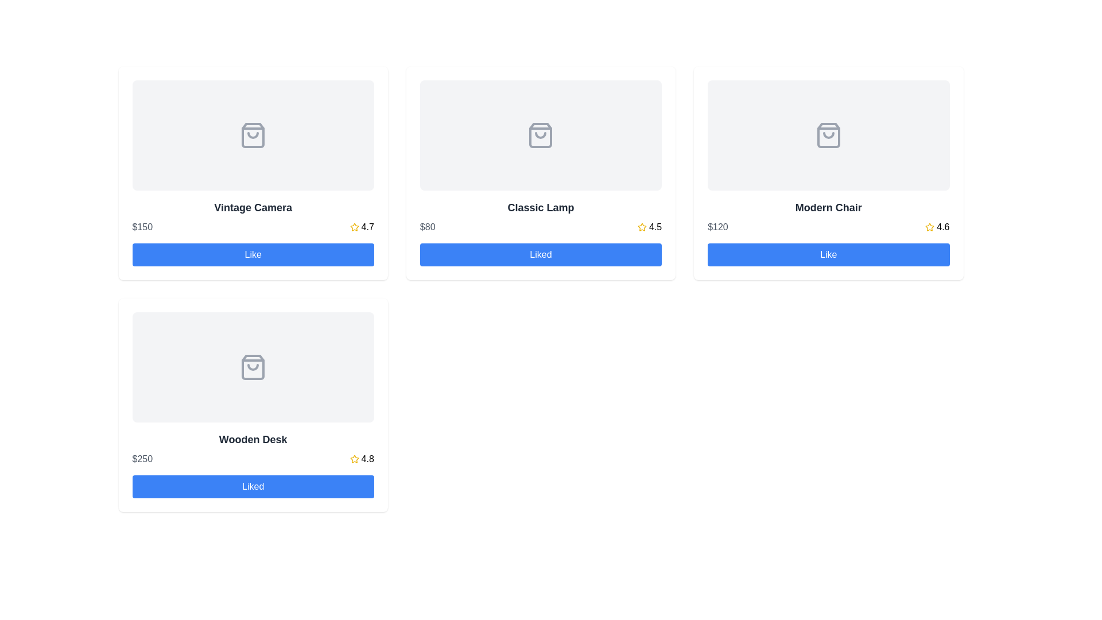  Describe the element at coordinates (641, 227) in the screenshot. I see `the stylized yellow star icon representing ratings for the 'Classic Lamp', located to the right of the product name and aligned with the rating '4.5'` at that location.